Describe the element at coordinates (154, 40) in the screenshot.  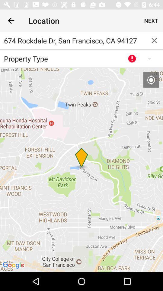
I see `the item to the right of 674 rockdale dr` at that location.